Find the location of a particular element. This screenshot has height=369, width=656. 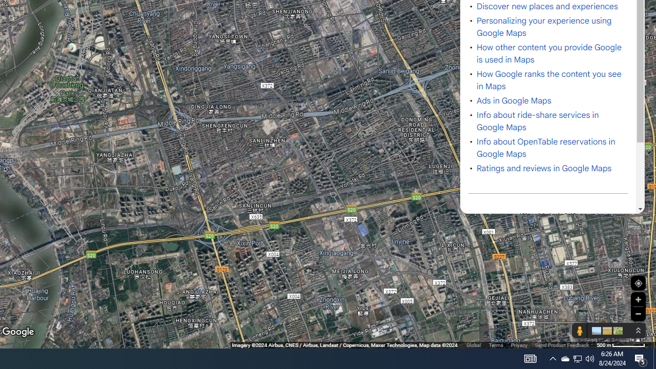

'Zoom in' is located at coordinates (638, 299).